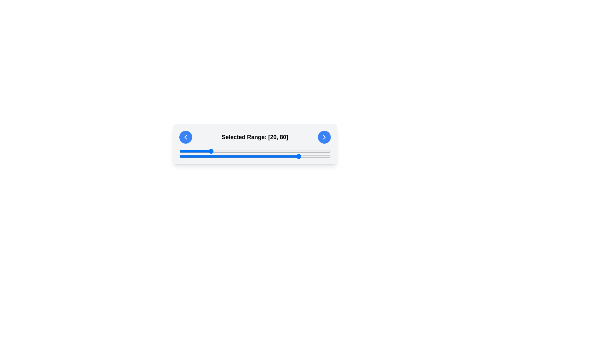 Image resolution: width=616 pixels, height=347 pixels. I want to click on the SVG graphic within the circular button located at the far left of the visible control panel, which serves as a navigation indicator to move backward or left, so click(185, 137).